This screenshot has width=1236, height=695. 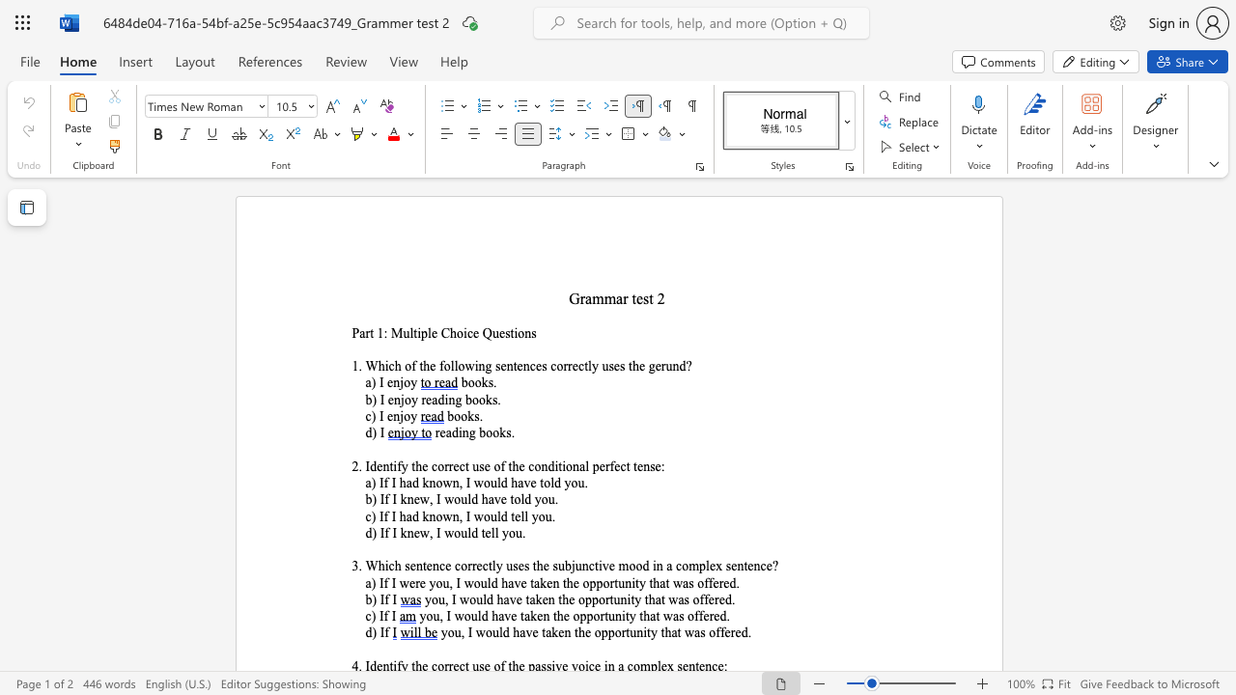 I want to click on the space between the continuous character "e" and "a" in the text, so click(x=444, y=431).